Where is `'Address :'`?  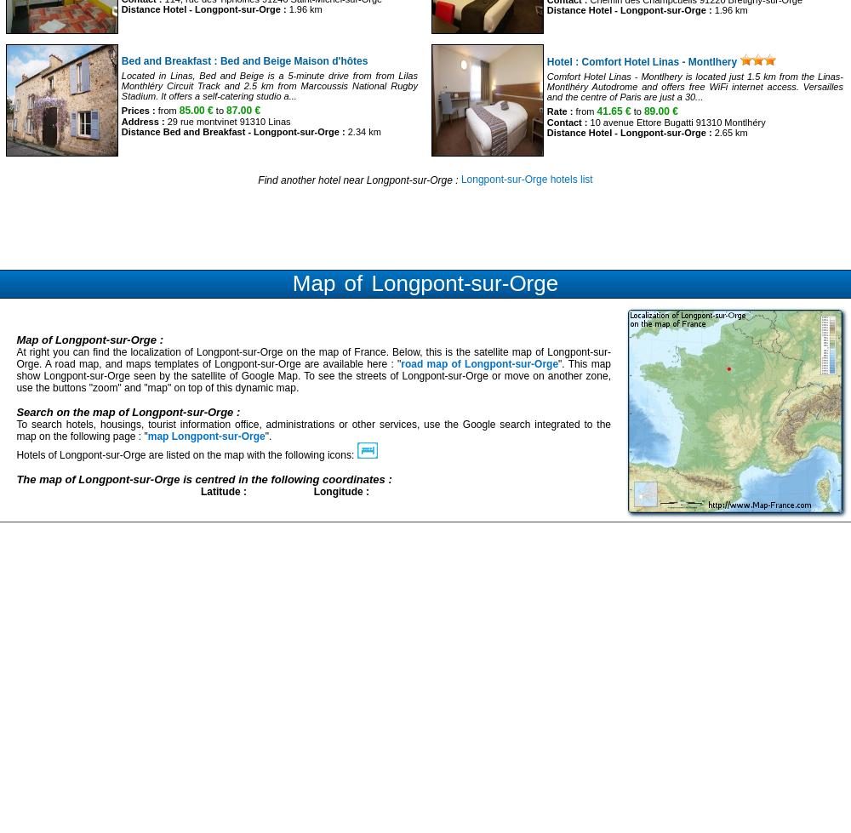 'Address :' is located at coordinates (144, 120).